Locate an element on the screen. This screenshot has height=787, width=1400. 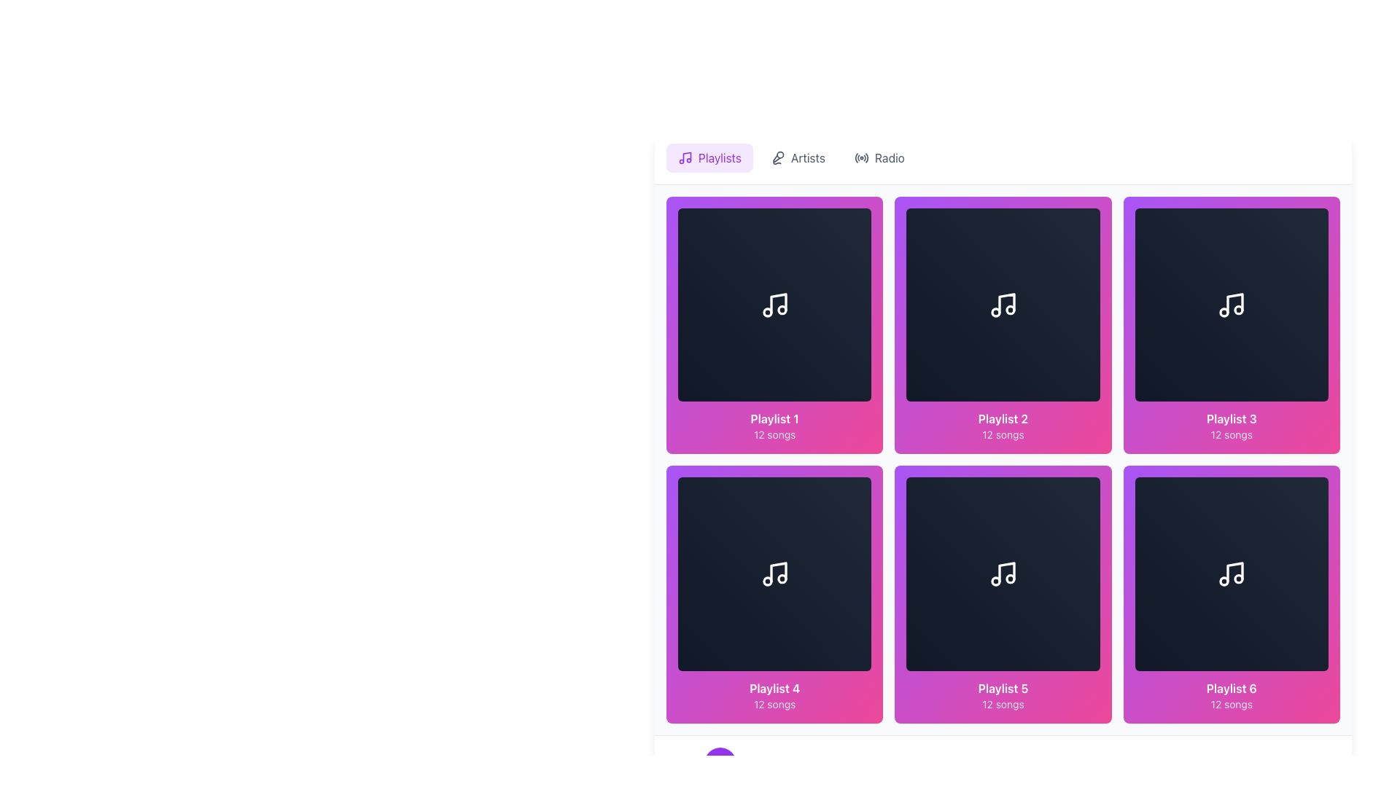
the music note icon located inside the first card labeled 'Playlist 1' in the top-left of the grid layout is located at coordinates (777, 302).